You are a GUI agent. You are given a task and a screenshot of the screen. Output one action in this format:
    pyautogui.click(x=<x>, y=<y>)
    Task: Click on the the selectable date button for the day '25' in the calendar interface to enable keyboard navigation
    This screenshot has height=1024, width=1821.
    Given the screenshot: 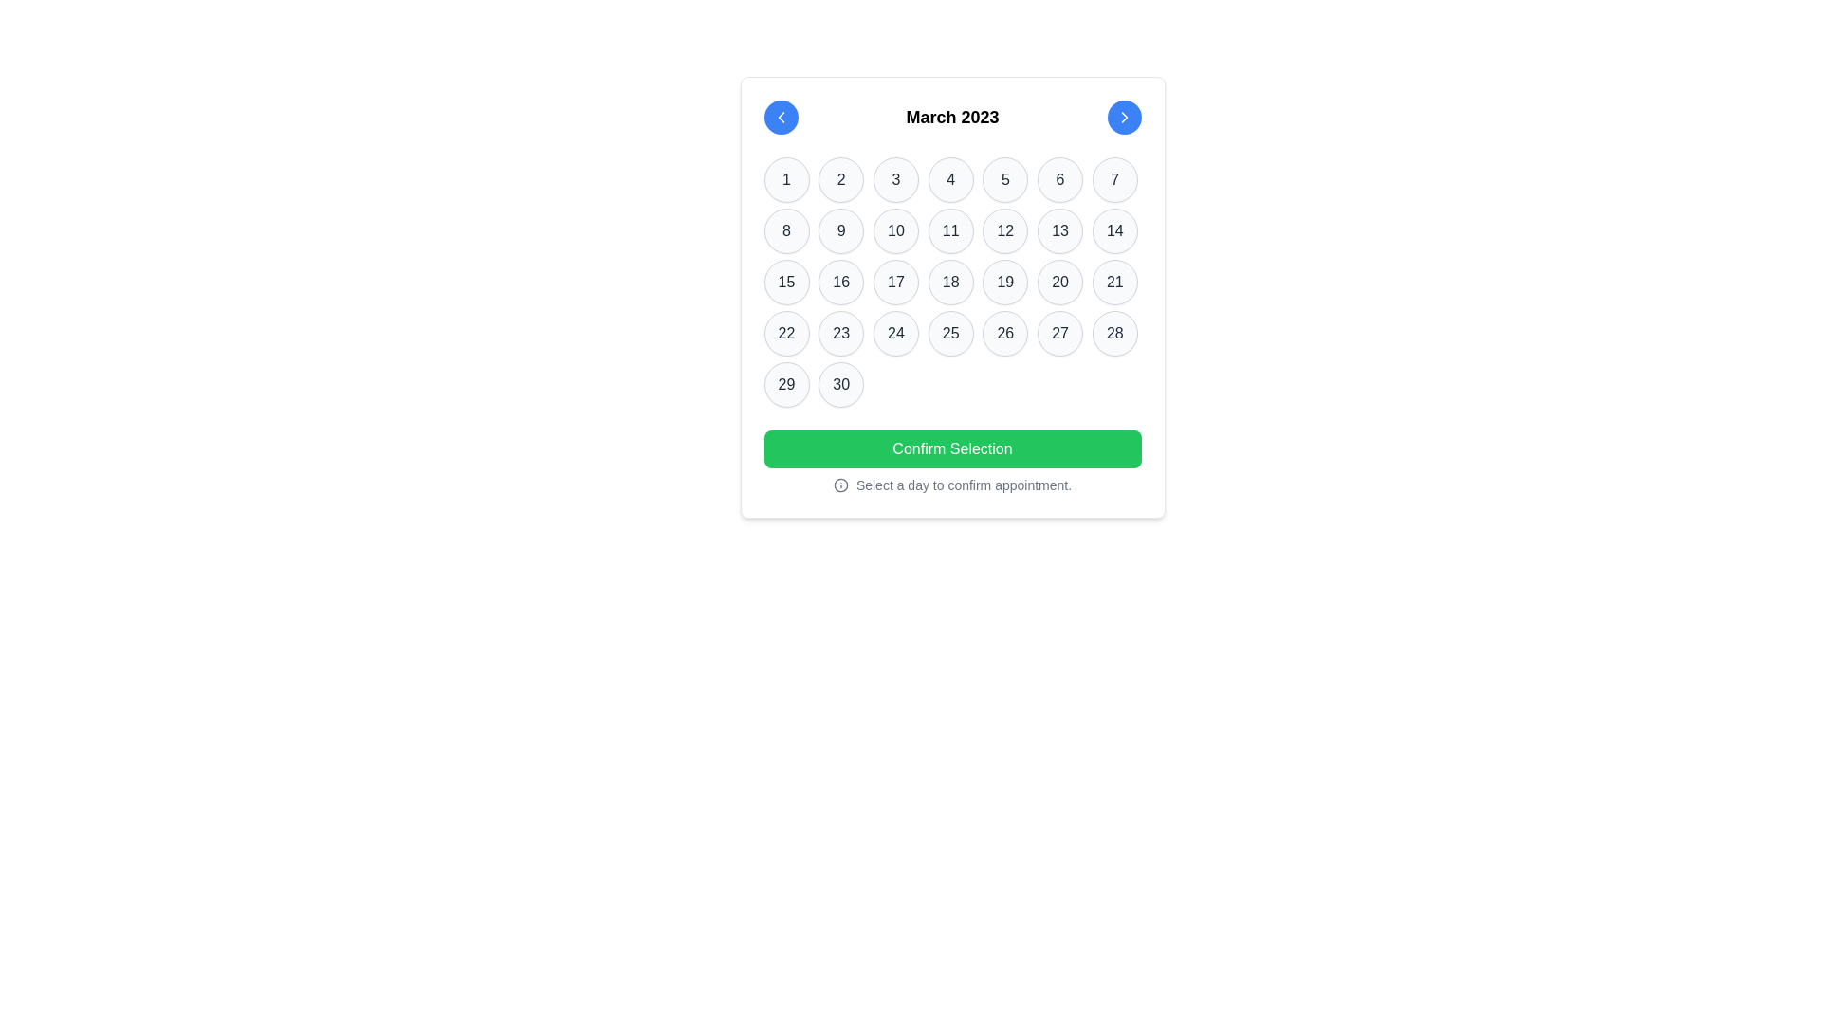 What is the action you would take?
    pyautogui.click(x=950, y=332)
    